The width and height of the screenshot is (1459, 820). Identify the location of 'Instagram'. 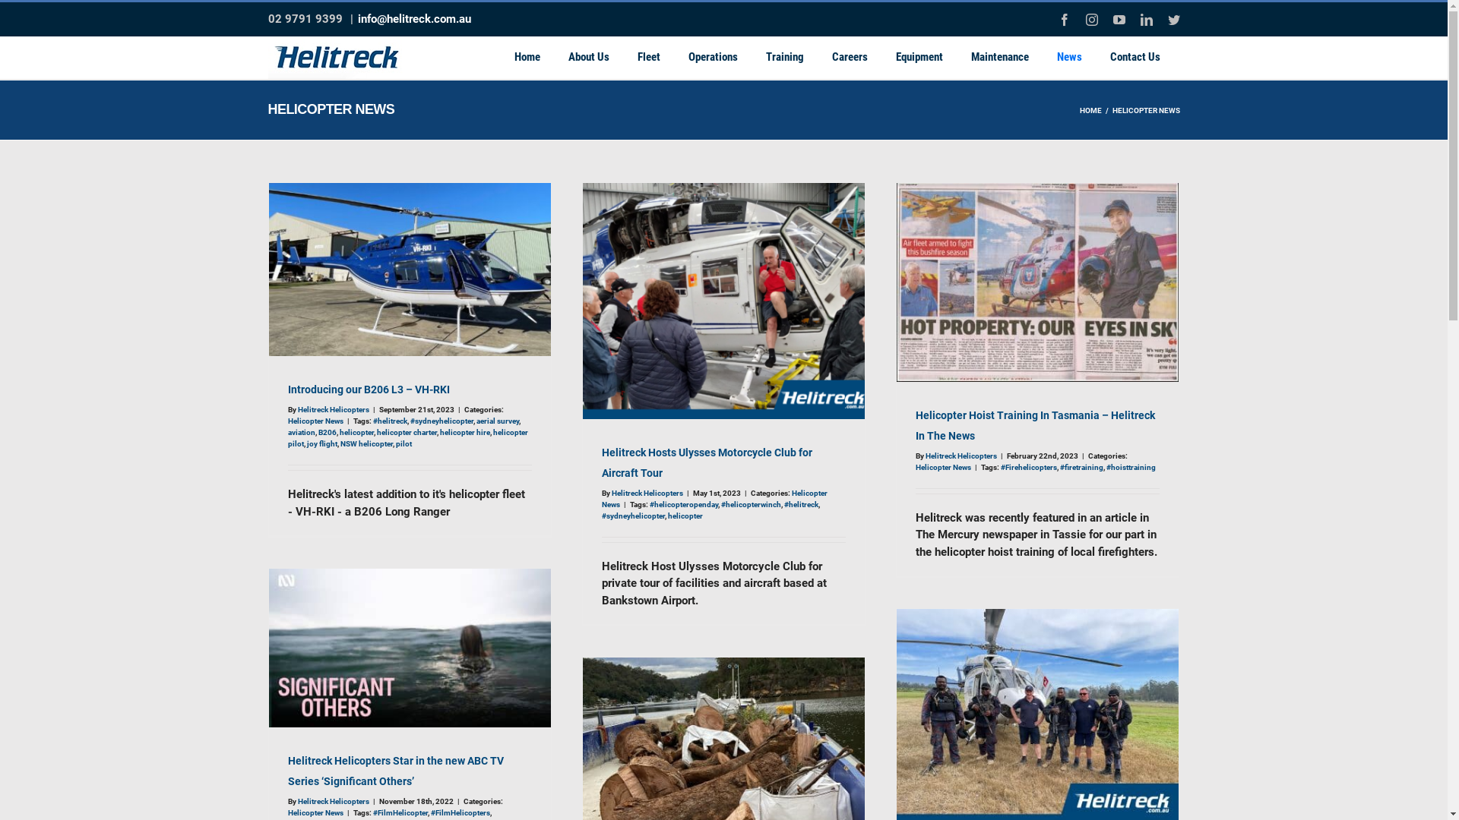
(1084, 20).